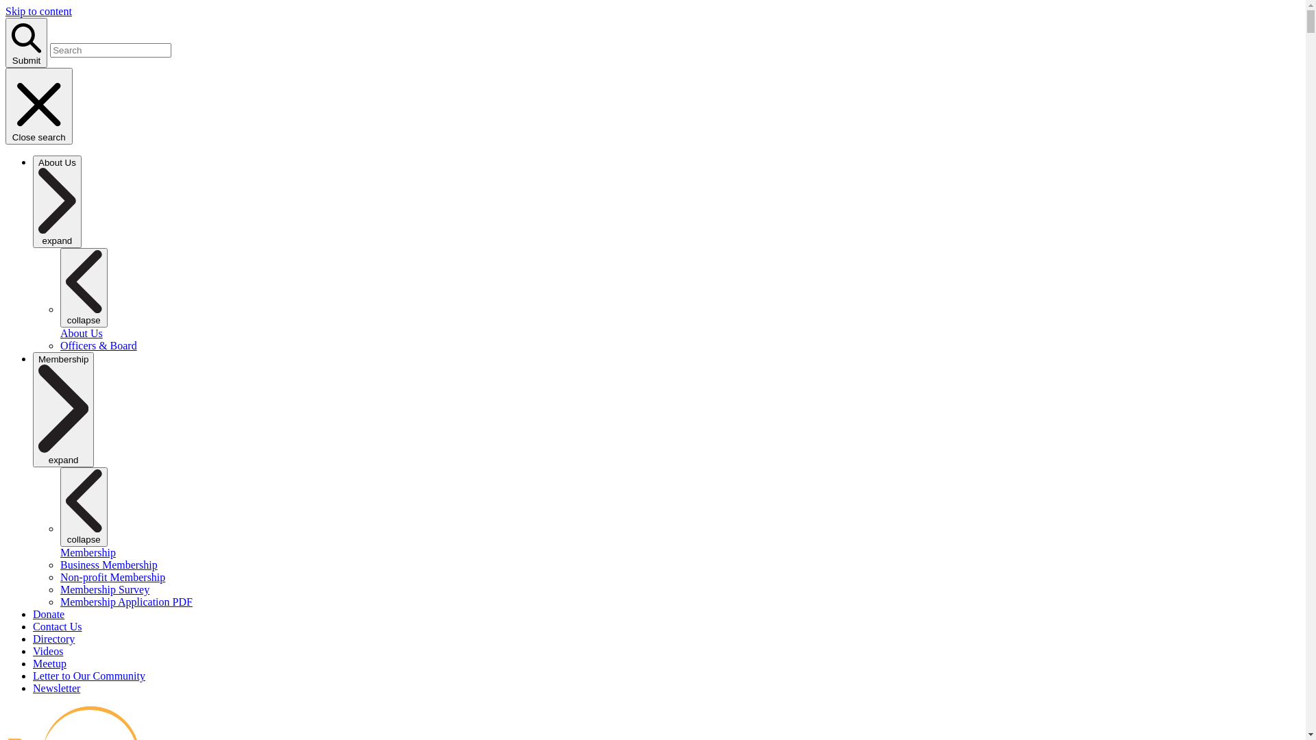 Image resolution: width=1316 pixels, height=740 pixels. What do you see at coordinates (88, 675) in the screenshot?
I see `'Letter to Our Community'` at bounding box center [88, 675].